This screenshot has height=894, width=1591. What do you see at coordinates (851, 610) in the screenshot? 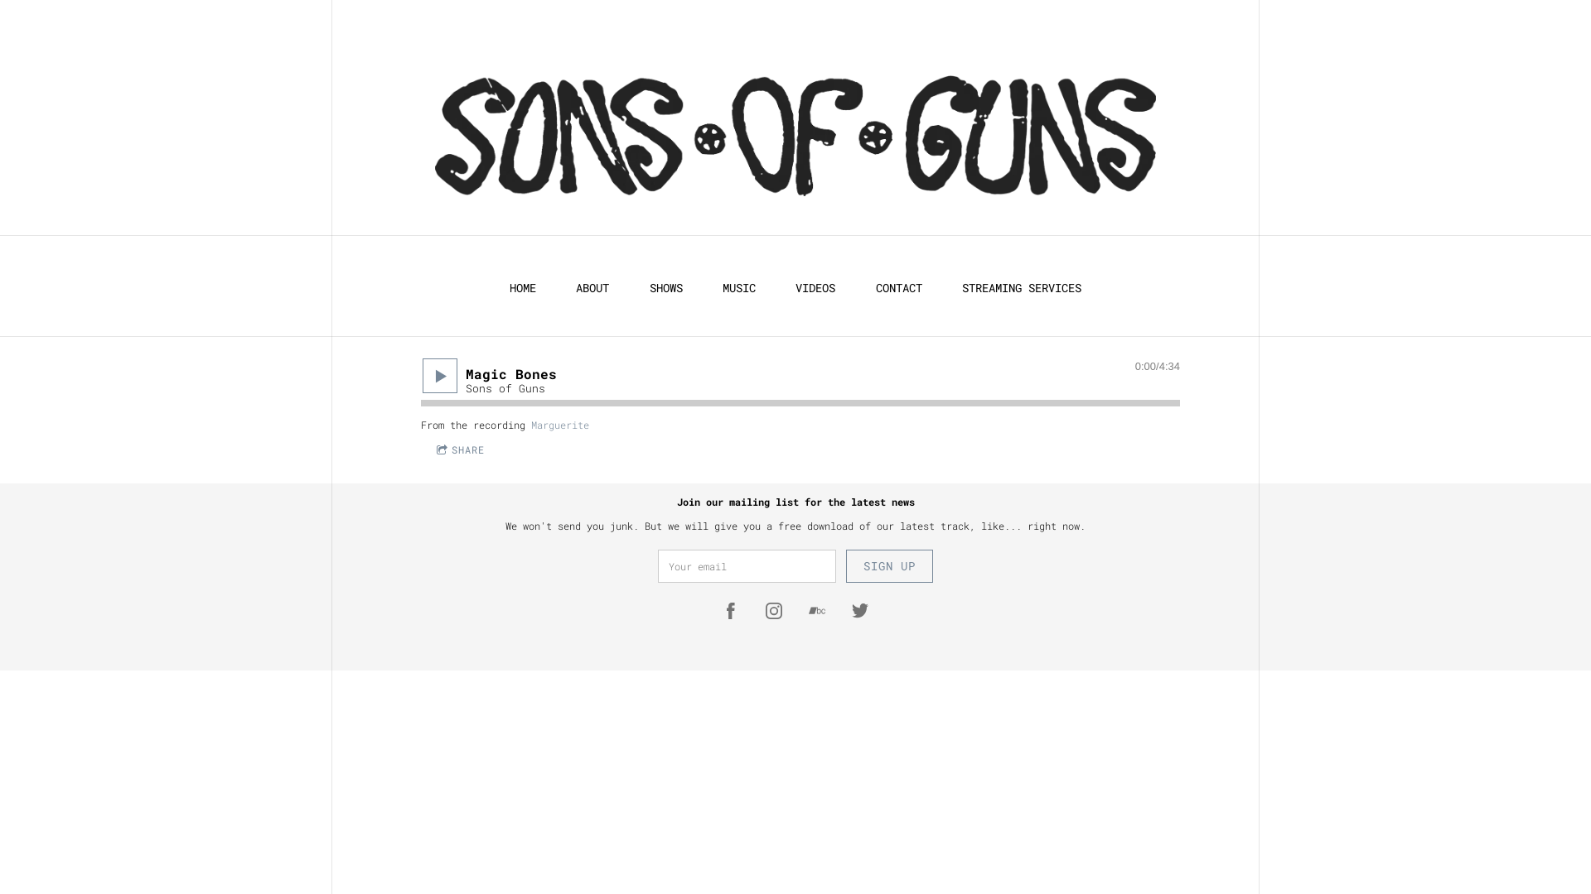
I see `'https://twitter.com/sonsofgunsband'` at bounding box center [851, 610].